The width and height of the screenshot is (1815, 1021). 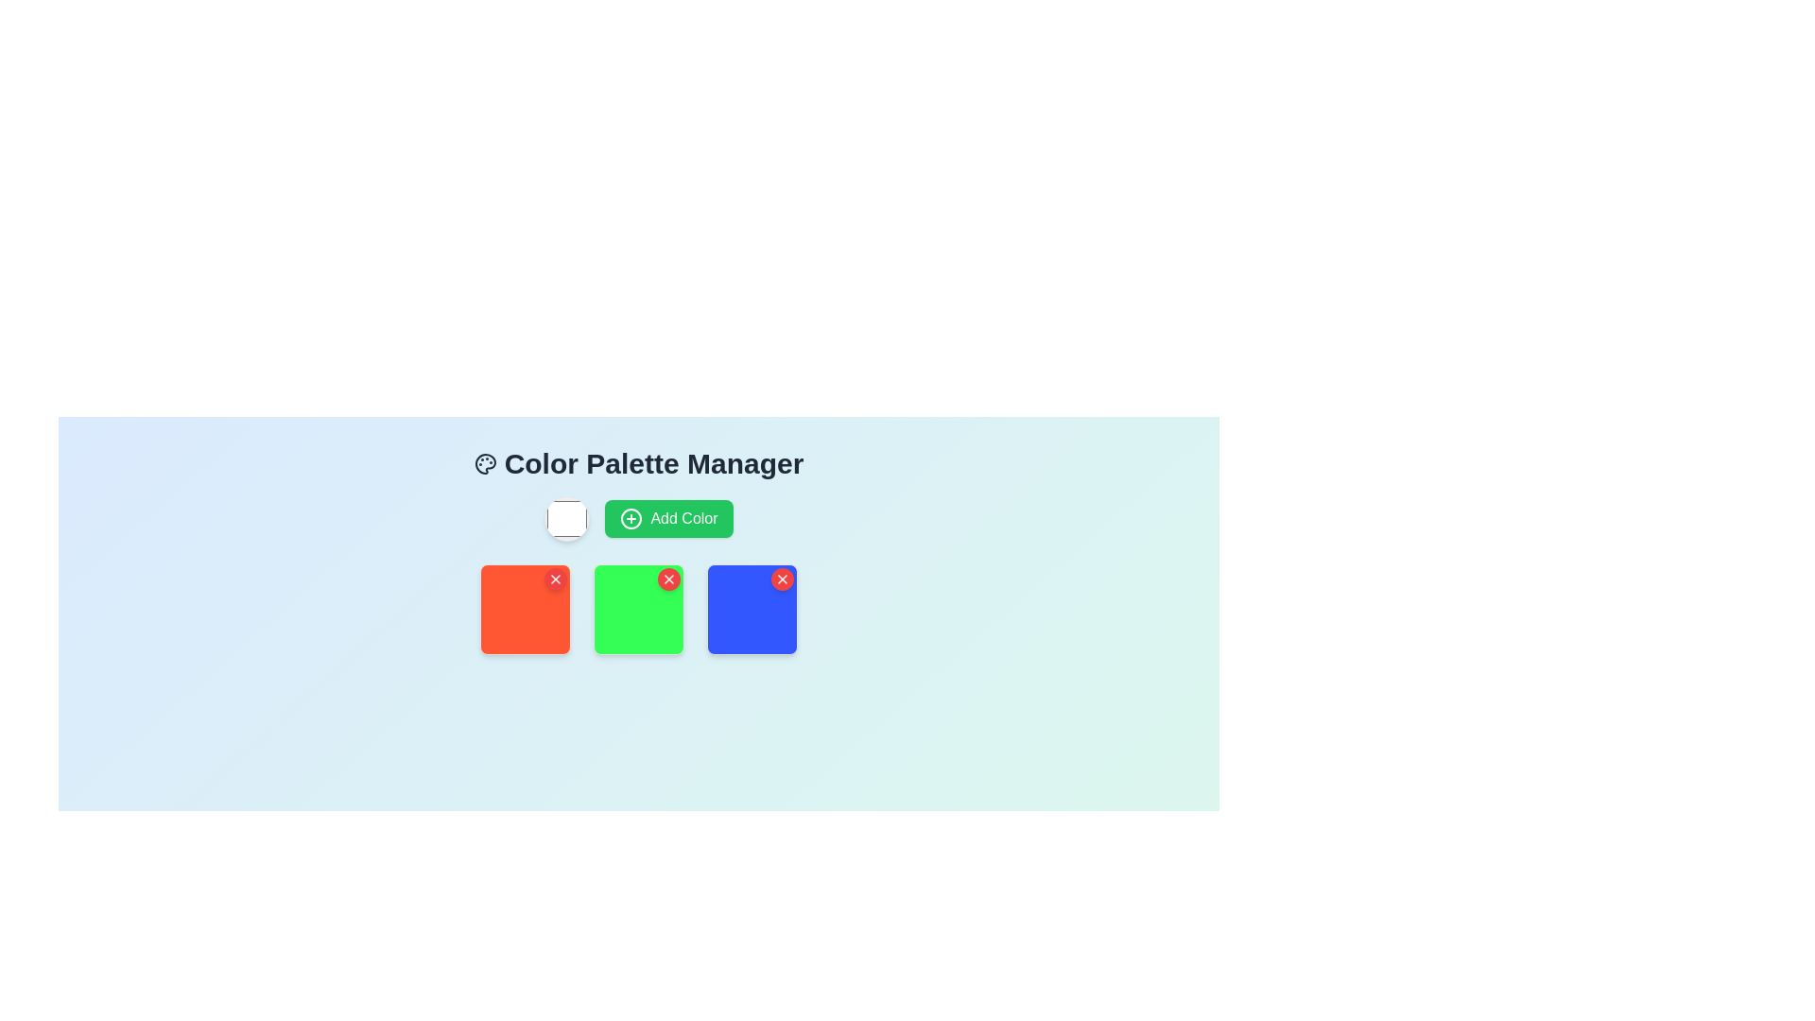 I want to click on the green 'Add Color' button with rounded edges, labeled in white text, so click(x=669, y=518).